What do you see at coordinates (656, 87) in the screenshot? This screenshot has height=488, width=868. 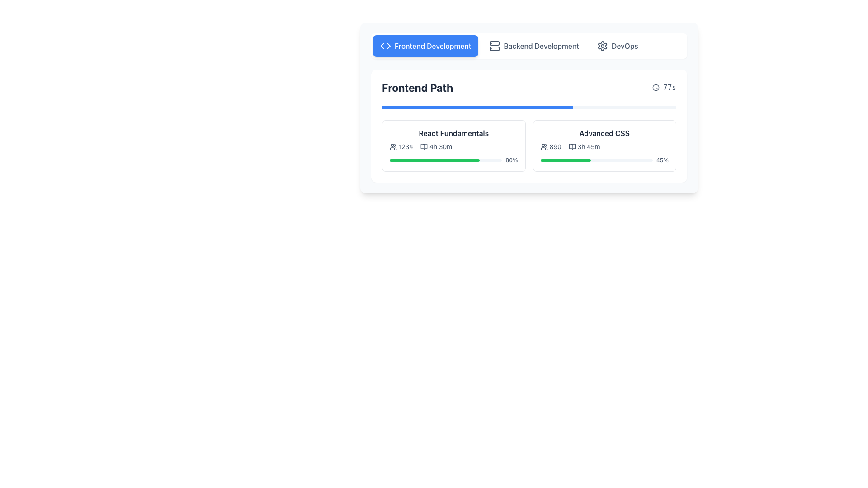 I see `the small, circular clock icon with a minimalist design located next to the text '48s', which is positioned on the right side of the interface above two progress indicators` at bounding box center [656, 87].